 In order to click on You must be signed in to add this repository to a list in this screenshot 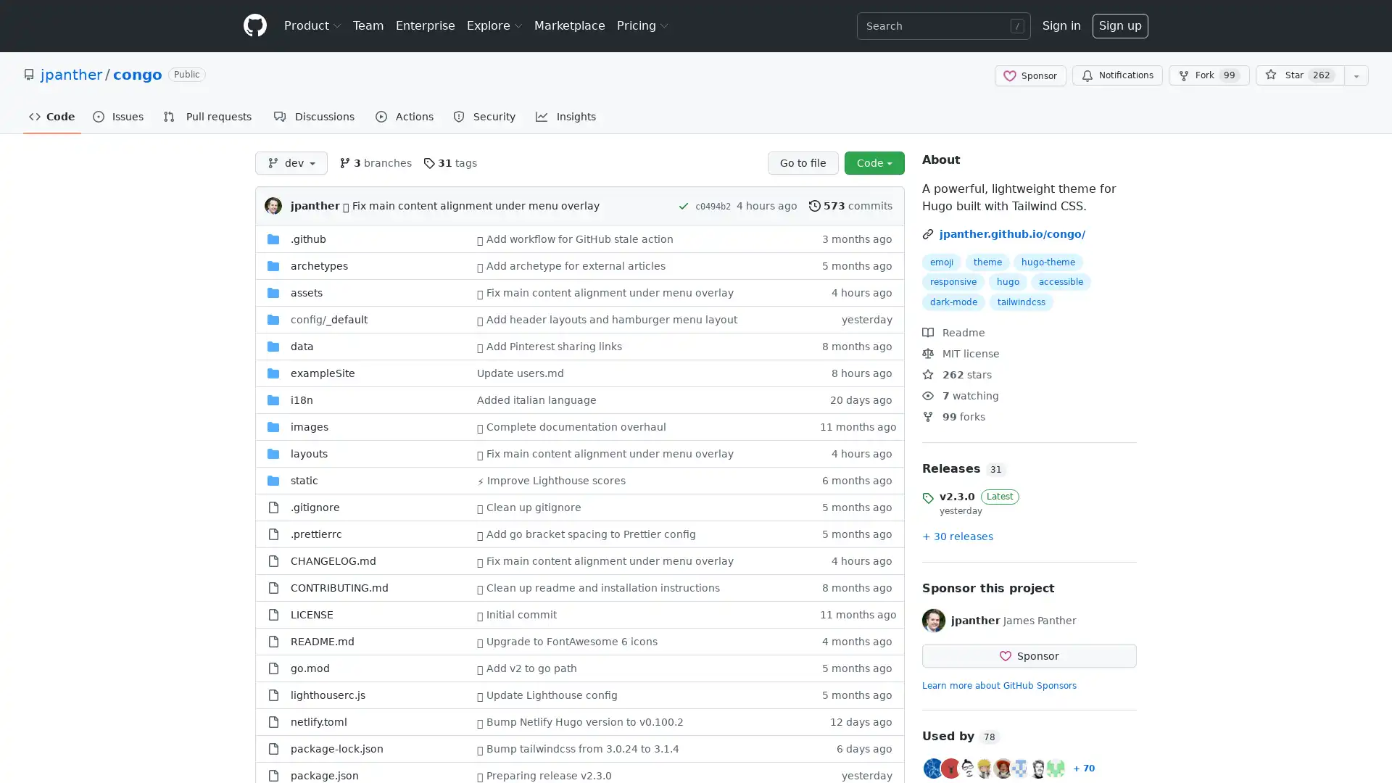, I will do `click(1356, 75)`.